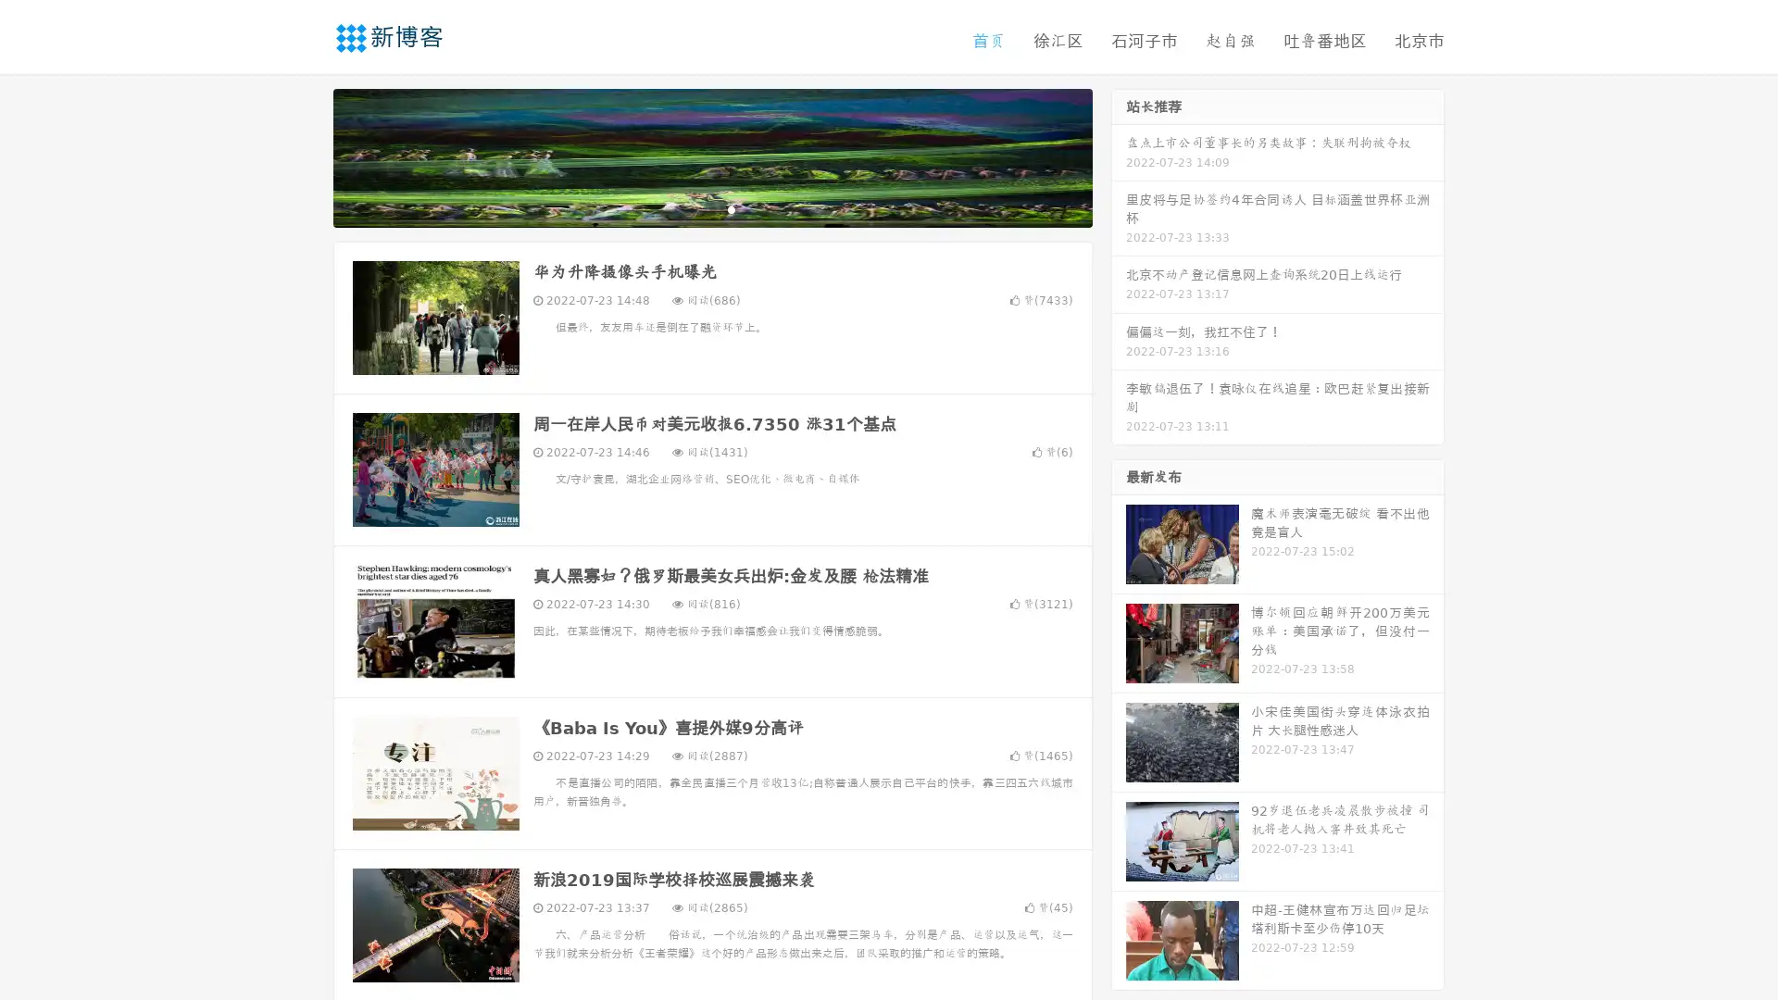 The width and height of the screenshot is (1778, 1000). I want to click on Go to slide 1, so click(693, 208).